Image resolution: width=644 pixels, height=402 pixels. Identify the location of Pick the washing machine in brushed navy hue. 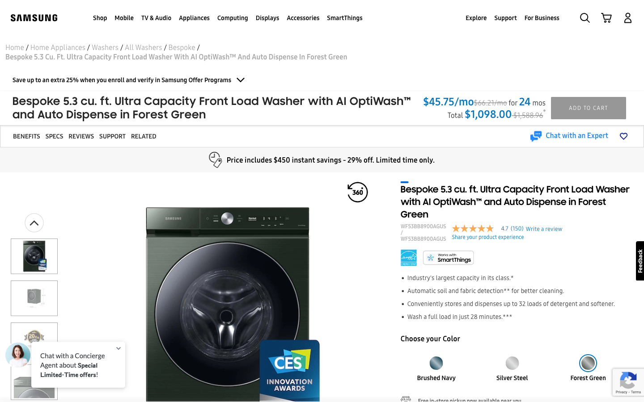
(436, 360).